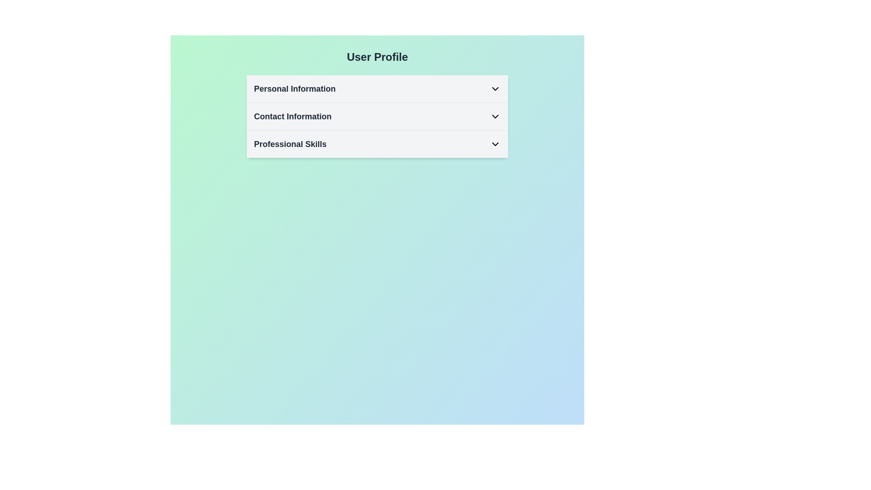 The width and height of the screenshot is (871, 490). I want to click on the chevron-down icon toggle button located at the far right of the 'Contact Information' section, so click(494, 116).